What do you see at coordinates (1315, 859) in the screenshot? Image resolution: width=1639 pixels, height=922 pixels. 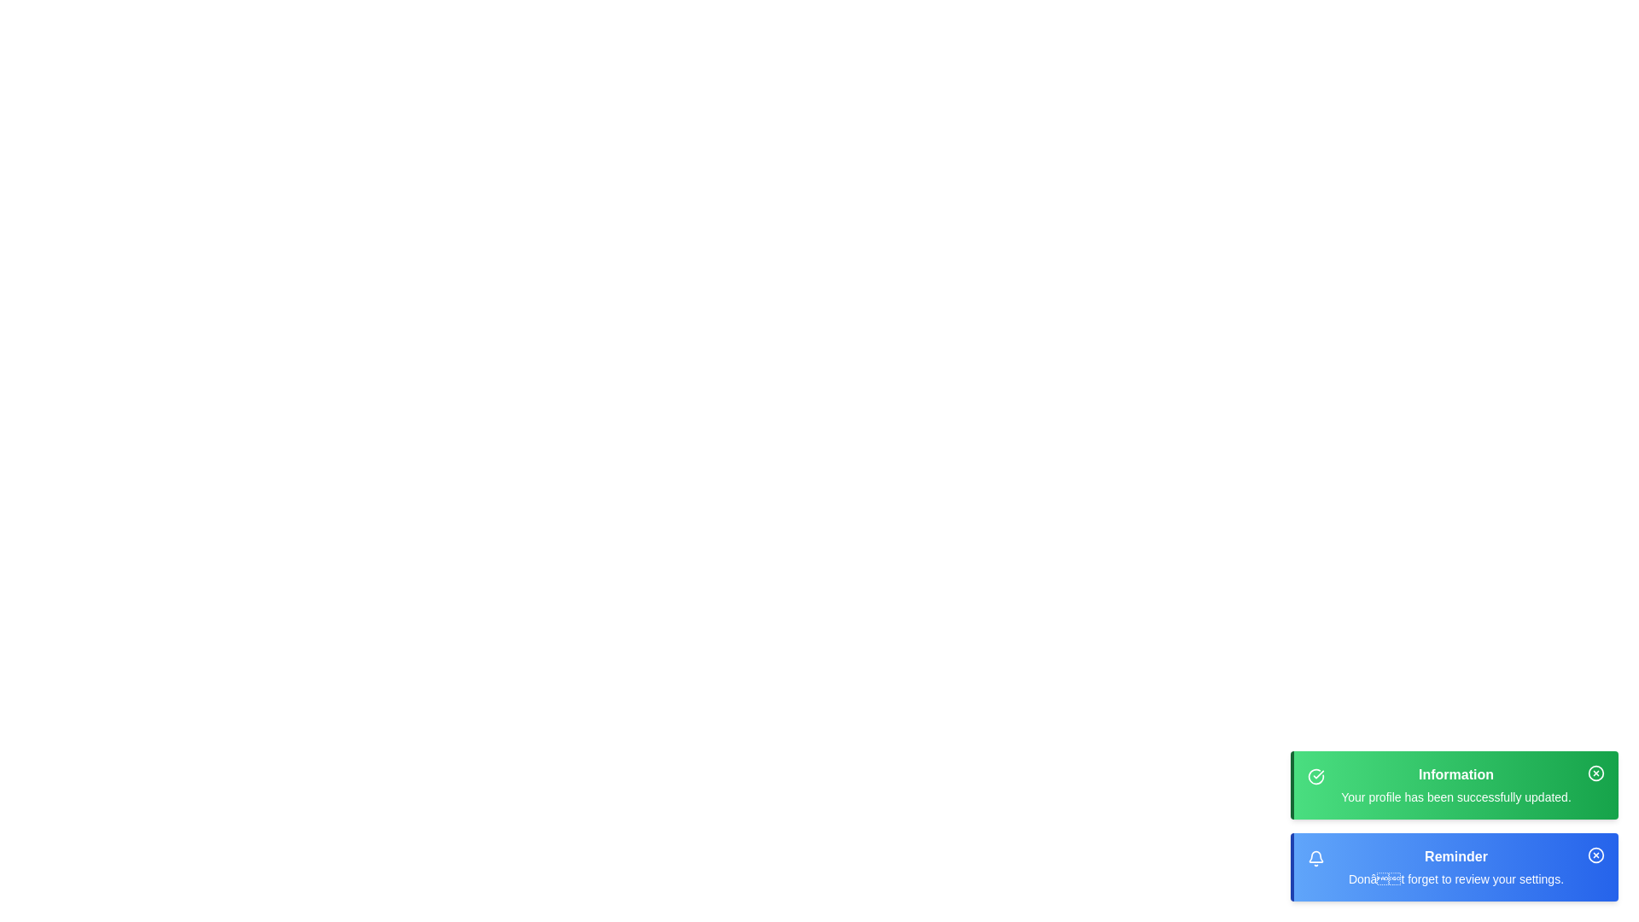 I see `the bell-shaped notification icon located to the left of the 'Reminder' label in the blue notification box` at bounding box center [1315, 859].